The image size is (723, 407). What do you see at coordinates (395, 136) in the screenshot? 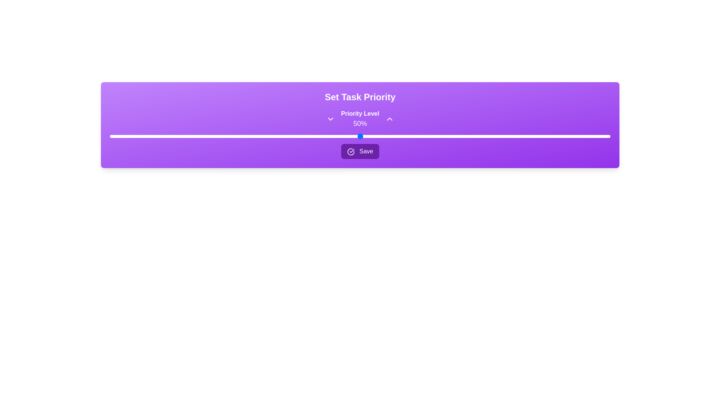
I see `the priority level` at bounding box center [395, 136].